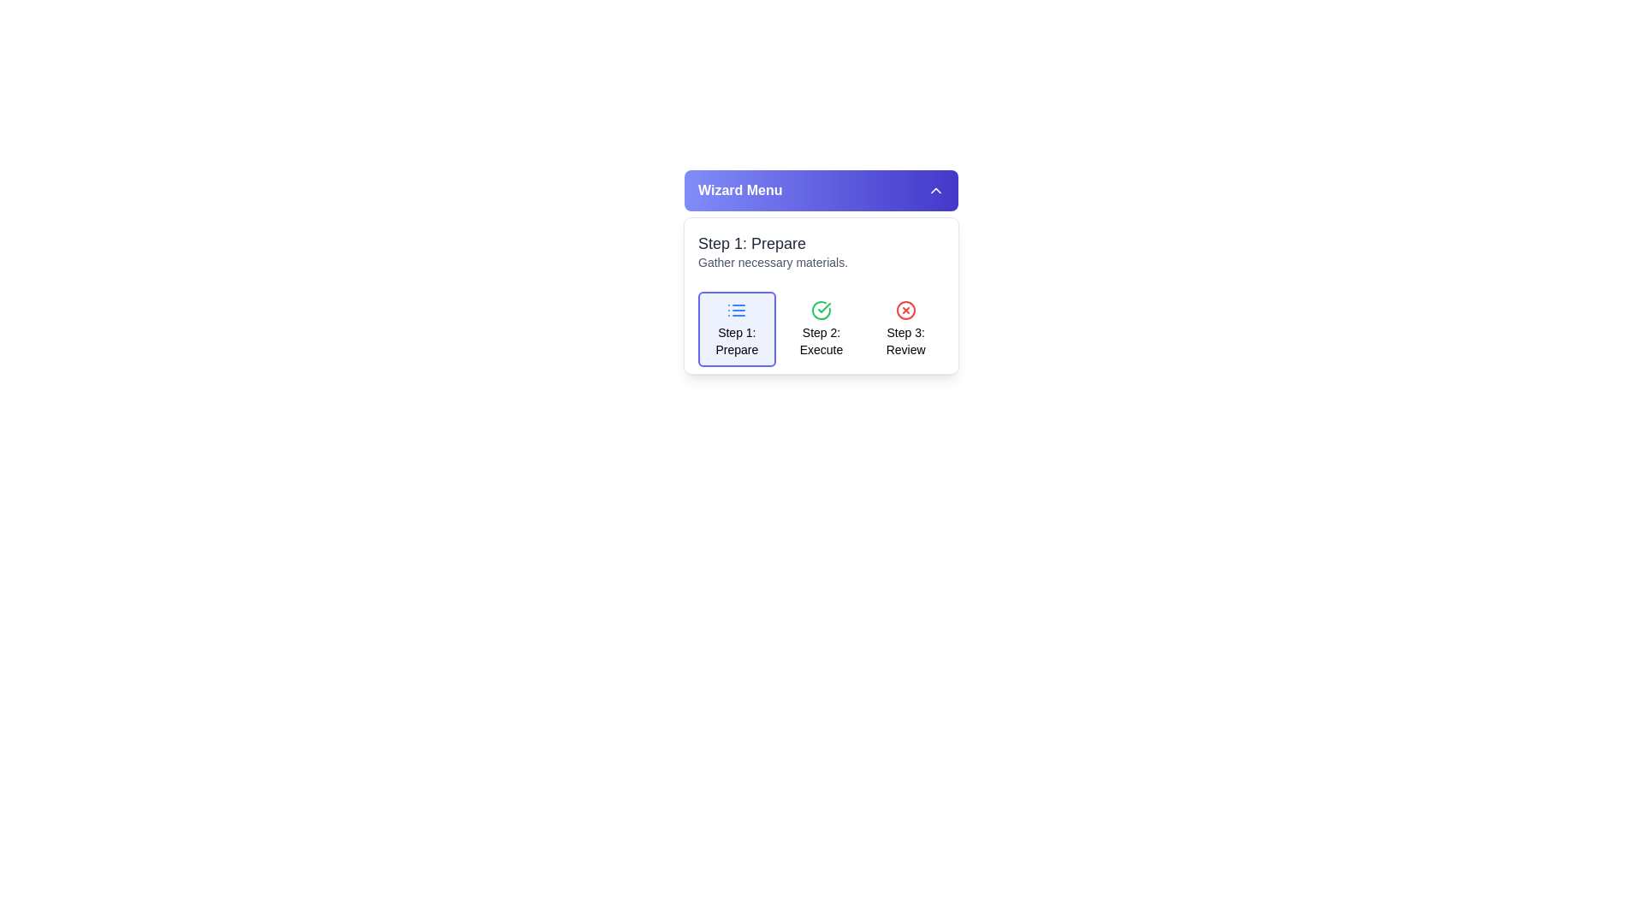 The width and height of the screenshot is (1643, 924). What do you see at coordinates (935, 191) in the screenshot?
I see `the Chevron-Up or Collapse Icon located on the right-hand side of the 'Wizard Menu' bar` at bounding box center [935, 191].